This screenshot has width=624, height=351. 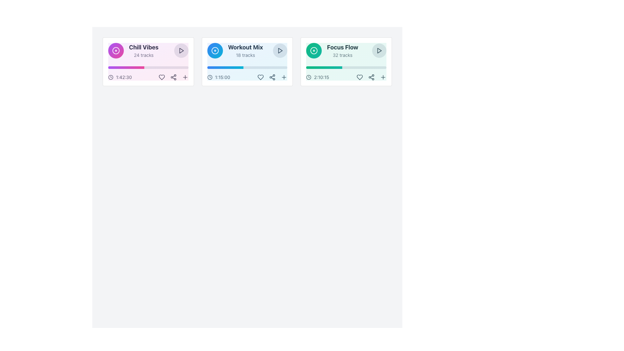 What do you see at coordinates (235, 50) in the screenshot?
I see `the 'Workout Mix' informational text element, which features a bold title and a spinning disc icon` at bounding box center [235, 50].